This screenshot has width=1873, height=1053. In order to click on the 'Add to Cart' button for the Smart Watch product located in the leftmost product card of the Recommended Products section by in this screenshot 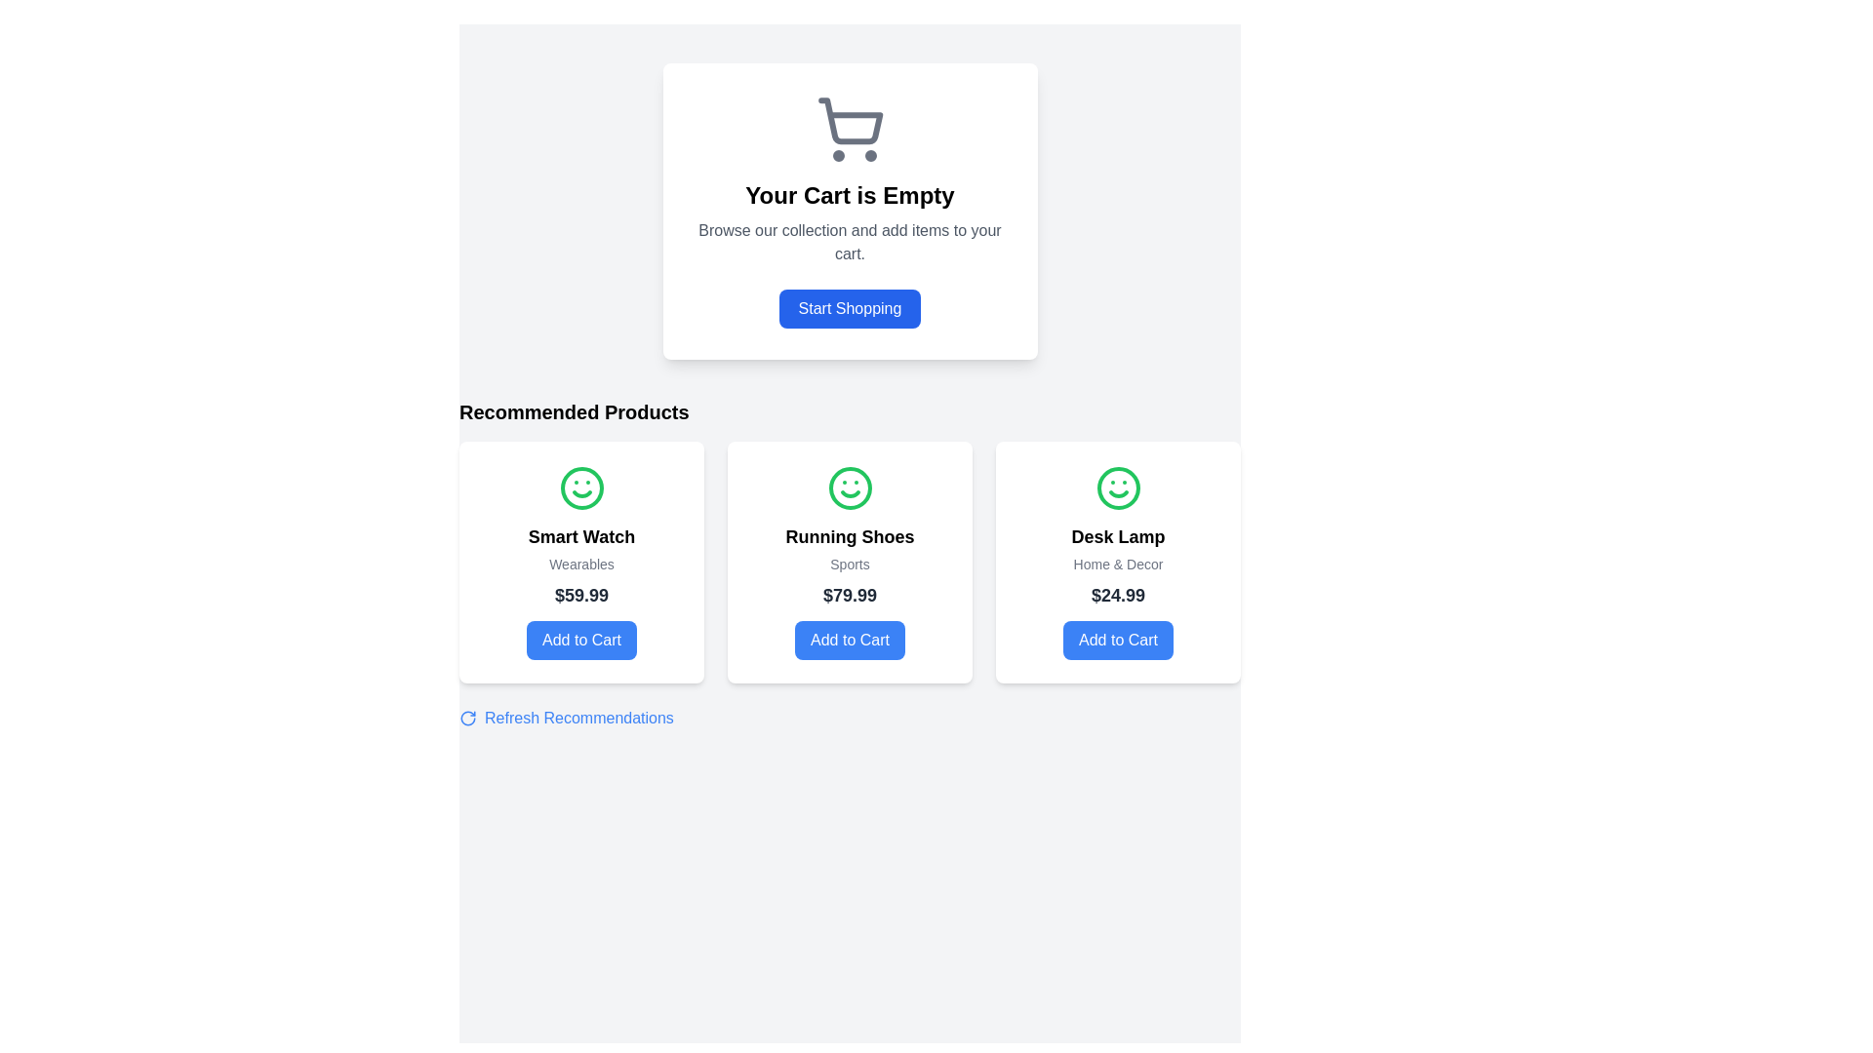, I will do `click(580, 640)`.